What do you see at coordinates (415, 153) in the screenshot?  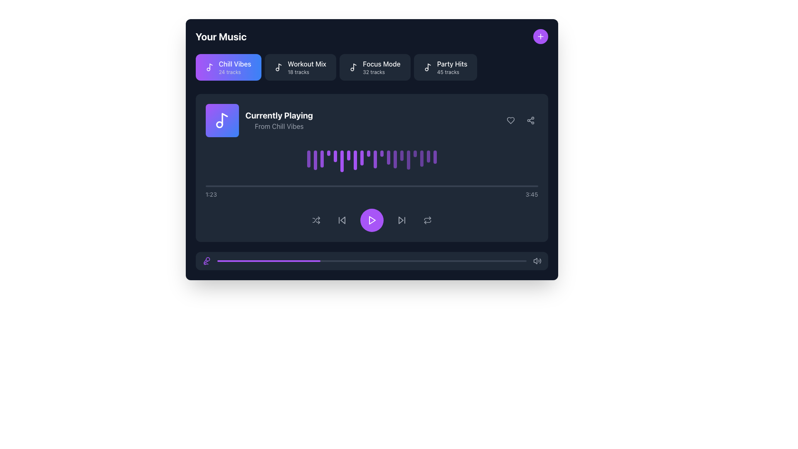 I see `the 17th decorative bar element in the waveform display, located below the 'Currently Playing' title and above the playback controls` at bounding box center [415, 153].